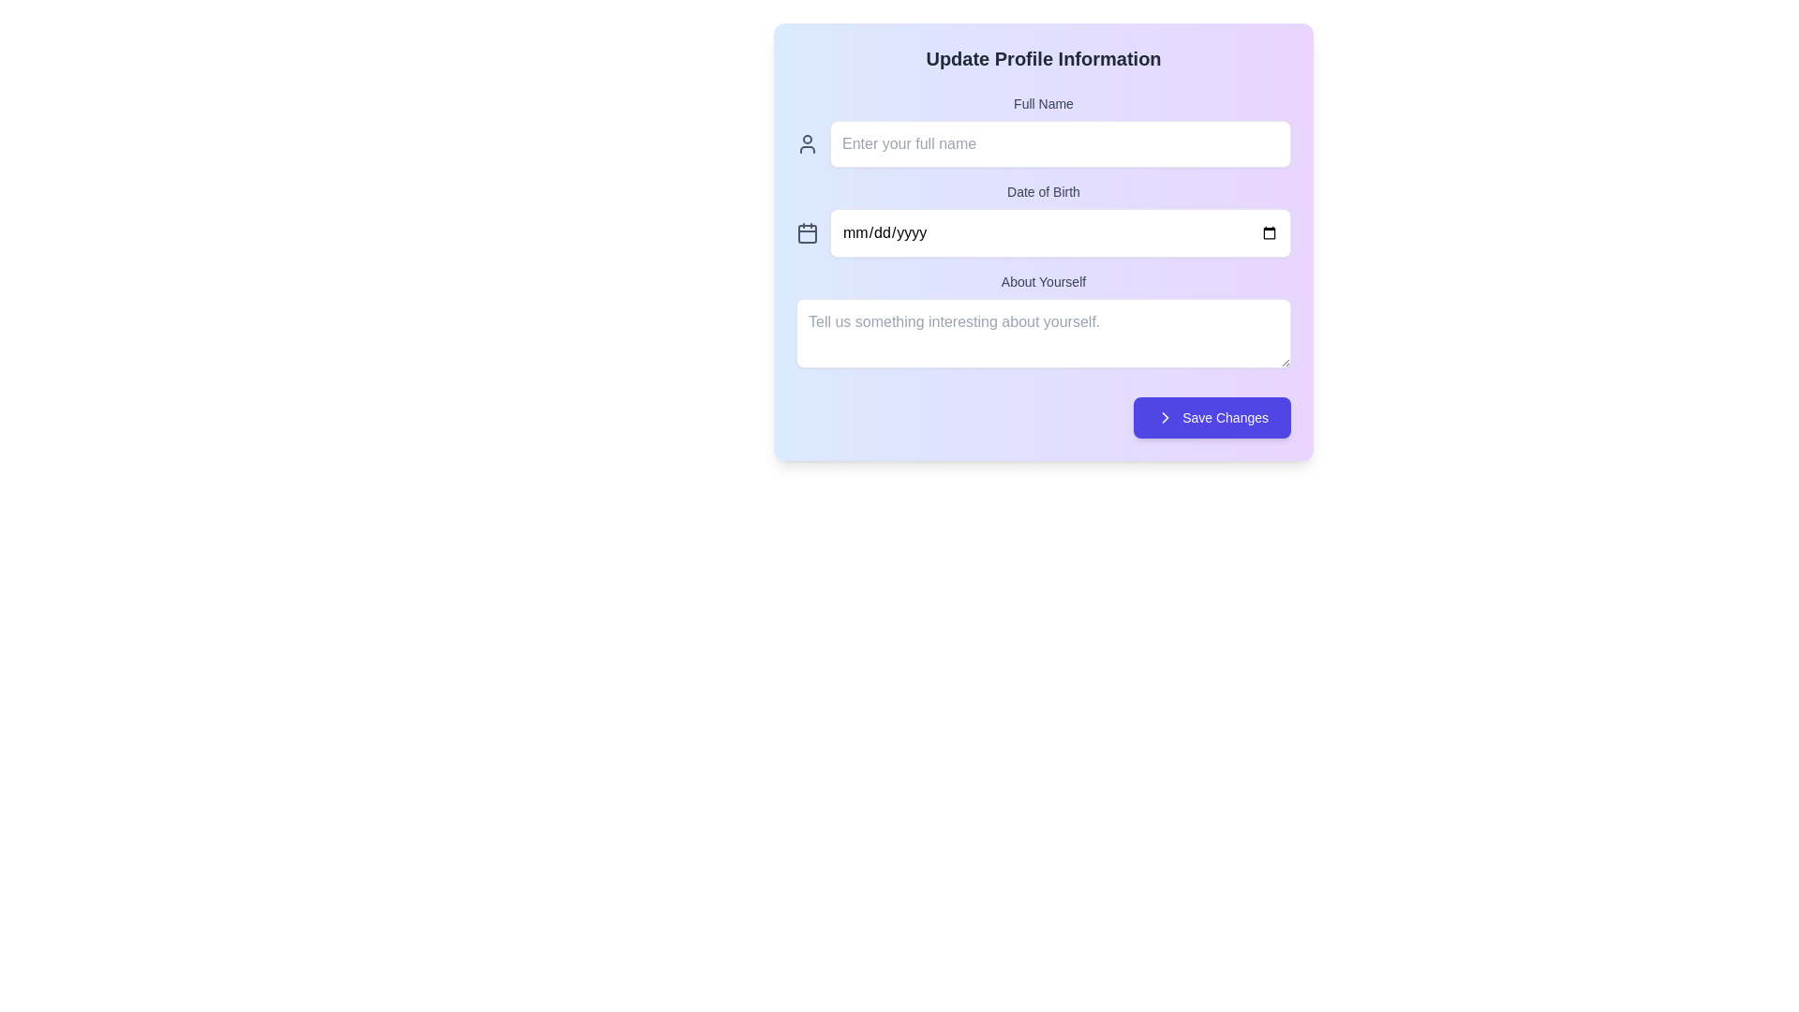 This screenshot has height=1012, width=1799. Describe the element at coordinates (1042, 104) in the screenshot. I see `the 'Full Name' label, which is styled in medium-sized gray font and positioned above the input field in the form section` at that location.